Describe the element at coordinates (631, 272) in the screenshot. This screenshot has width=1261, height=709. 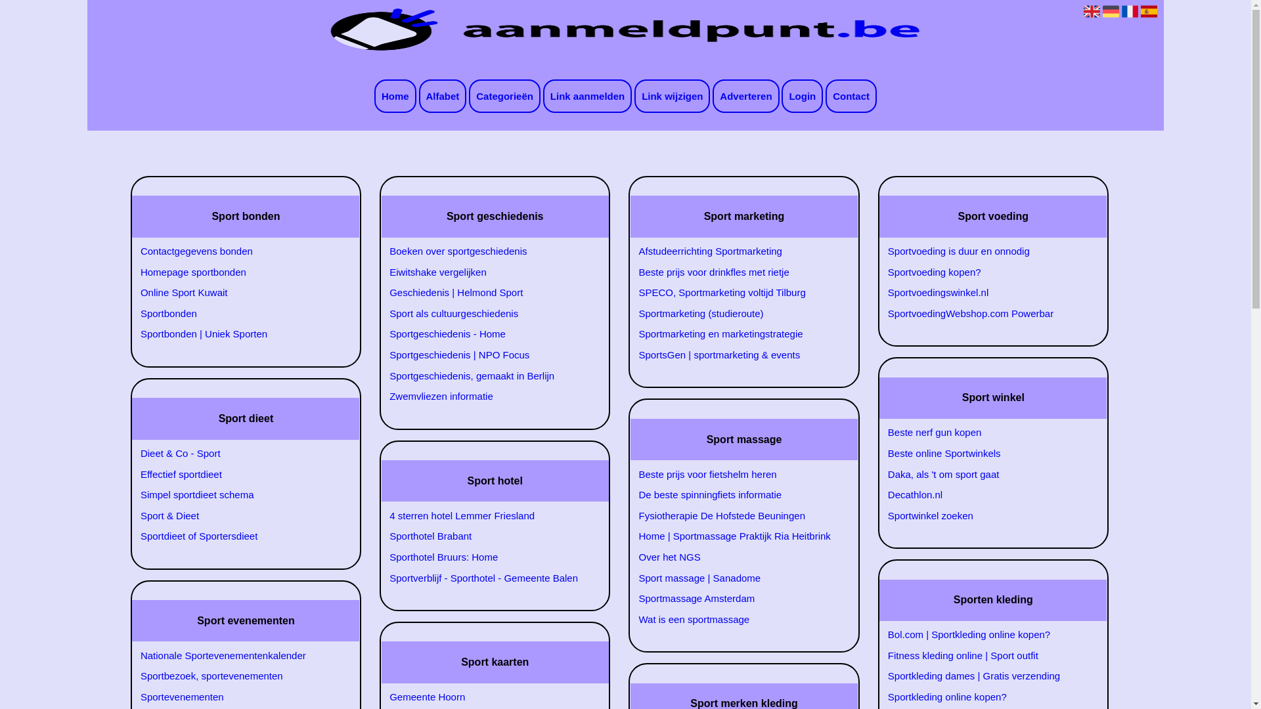
I see `'Beste prijs voor drinkfles met rietje'` at that location.